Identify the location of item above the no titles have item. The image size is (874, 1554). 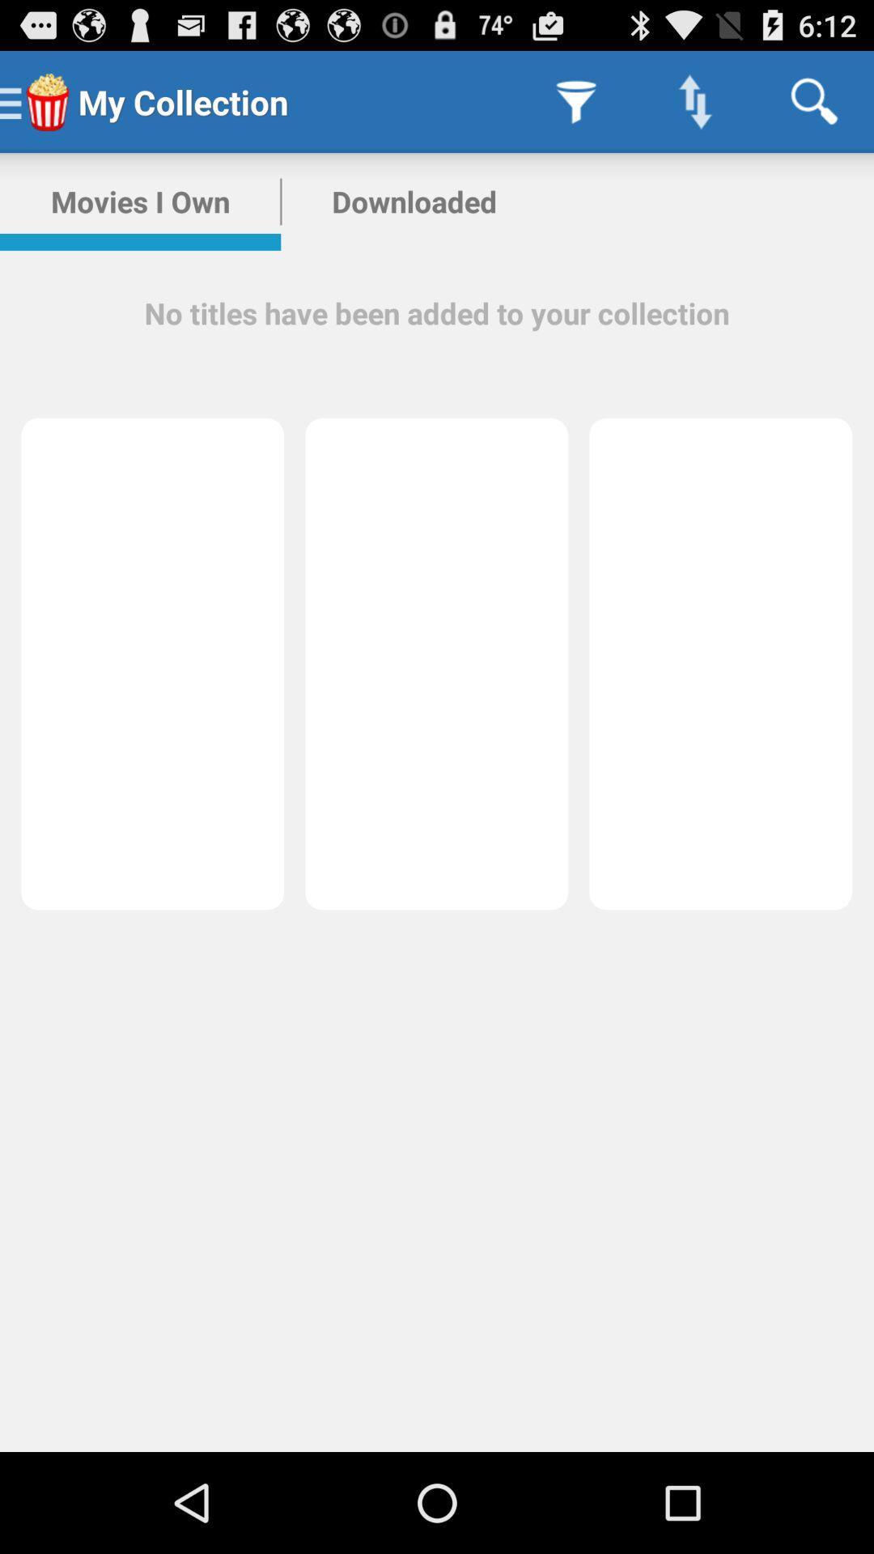
(414, 201).